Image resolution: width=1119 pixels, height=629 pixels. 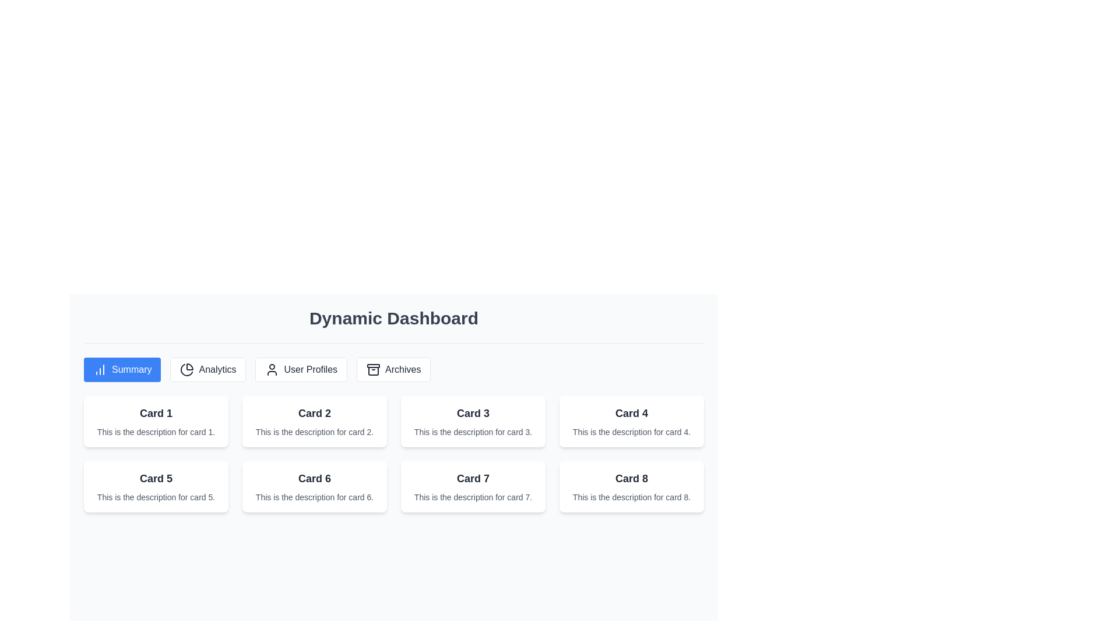 I want to click on the circular pie chart icon located on the top bar of the interface, next to the text 'Analytics.', so click(x=187, y=370).